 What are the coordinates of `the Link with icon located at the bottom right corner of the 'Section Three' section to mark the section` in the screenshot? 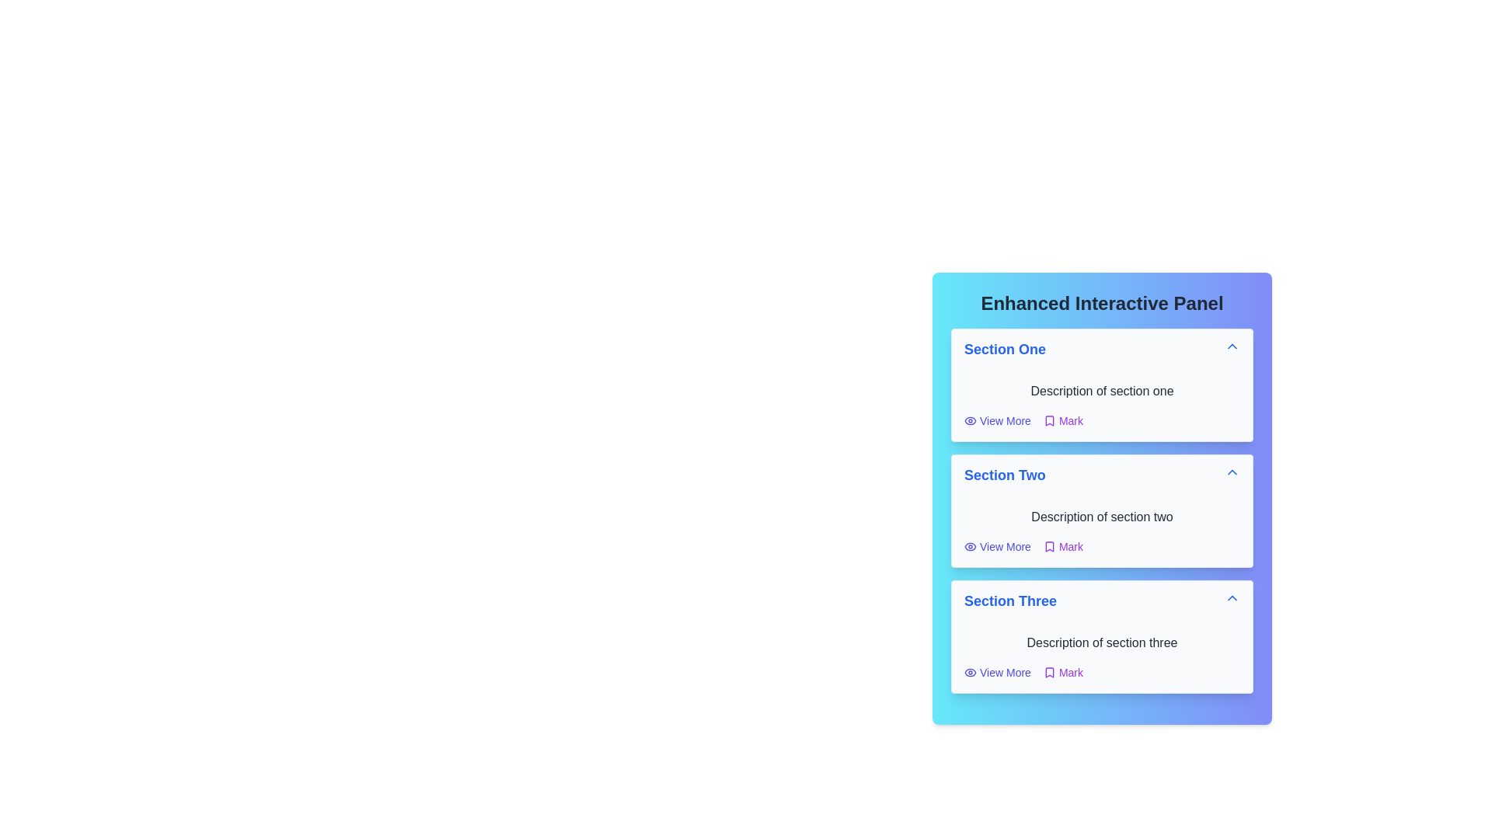 It's located at (1062, 672).